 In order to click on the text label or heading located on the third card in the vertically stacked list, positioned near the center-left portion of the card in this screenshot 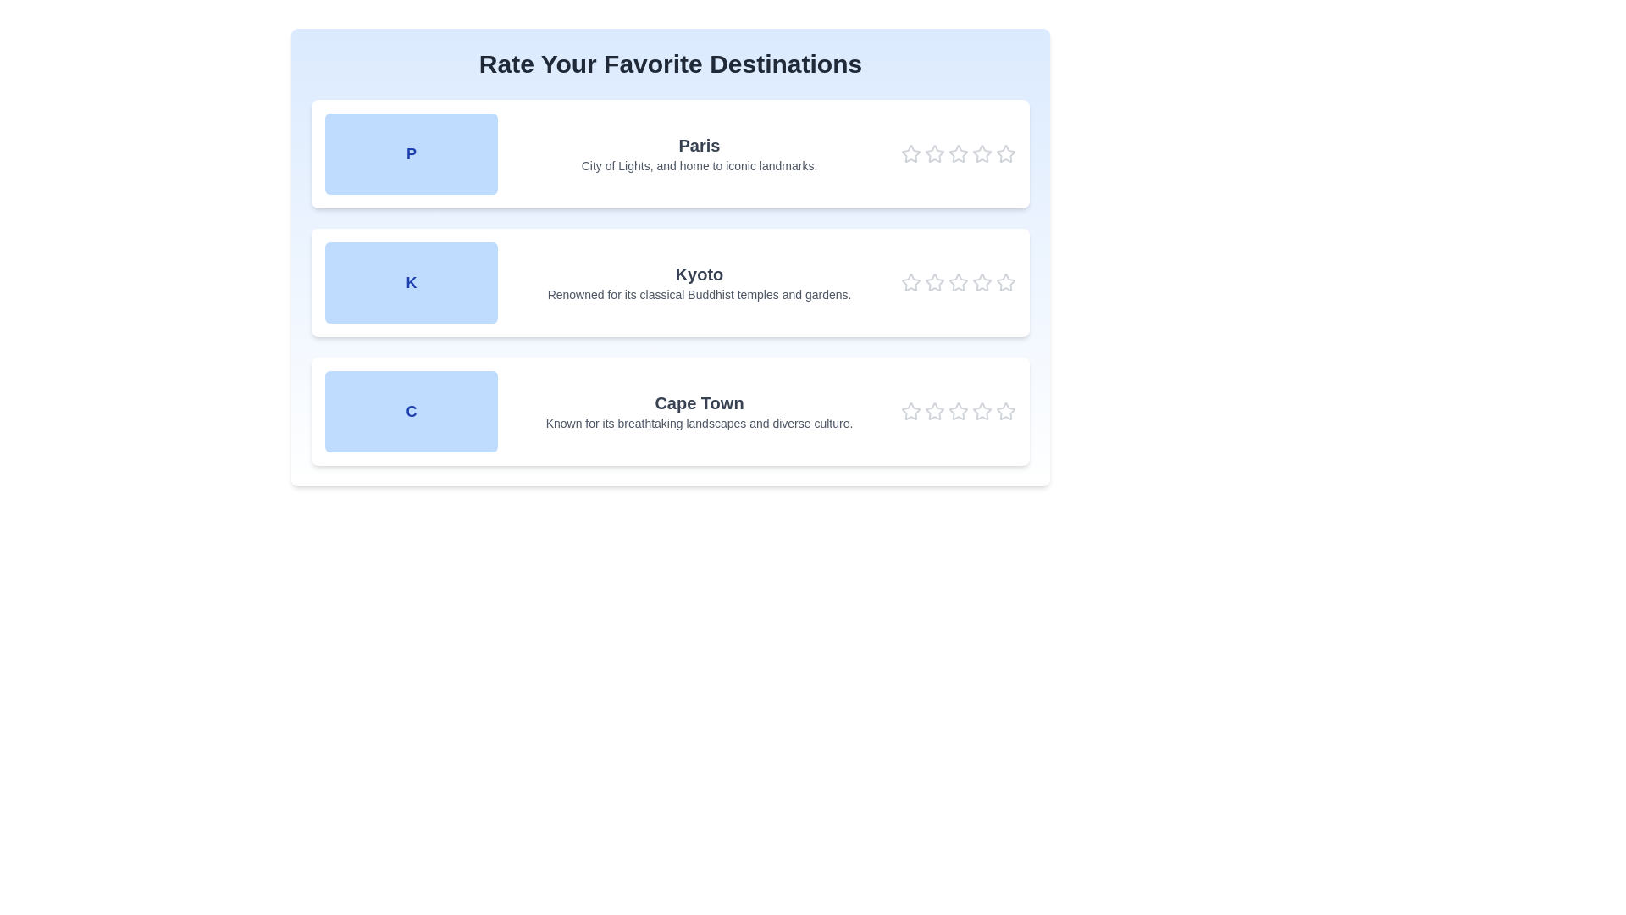, I will do `click(699, 402)`.